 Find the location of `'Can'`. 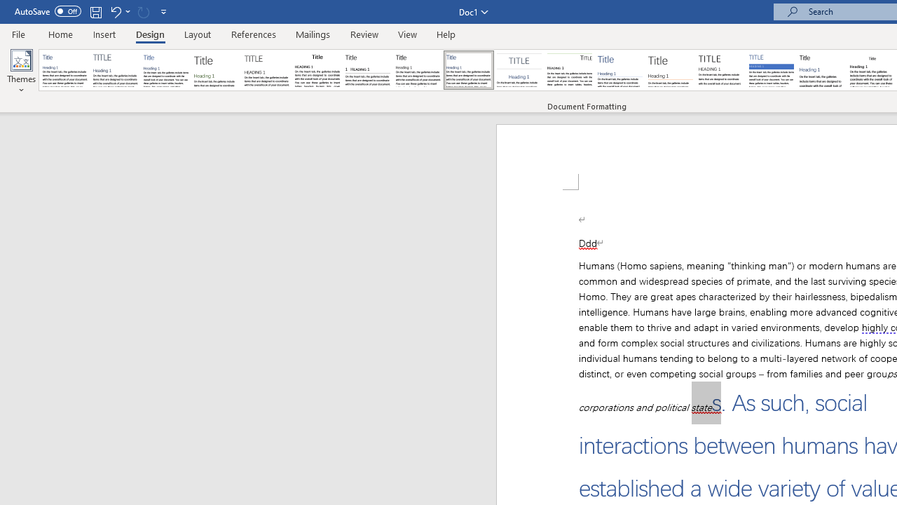

'Can' is located at coordinates (143, 11).